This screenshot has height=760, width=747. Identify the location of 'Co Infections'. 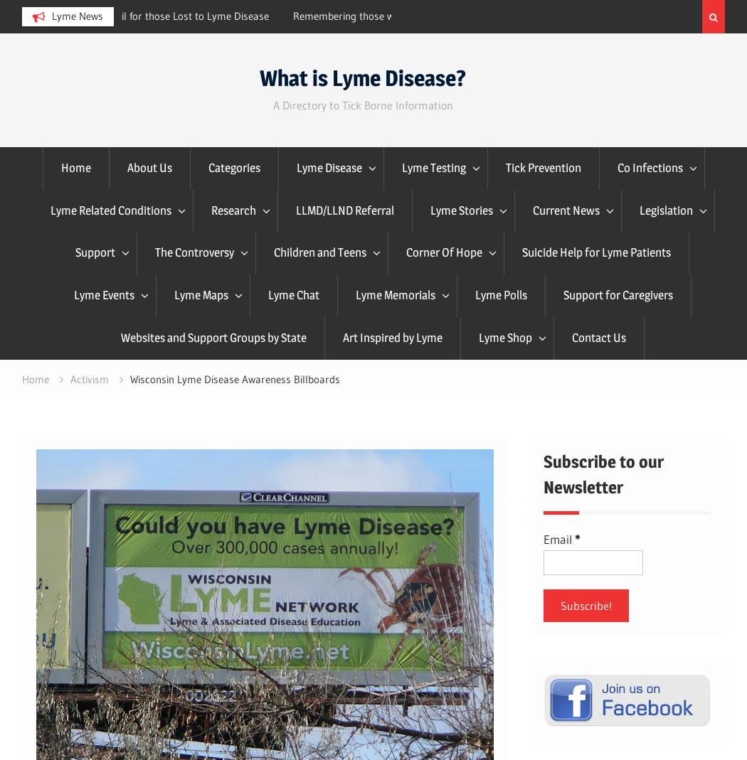
(649, 166).